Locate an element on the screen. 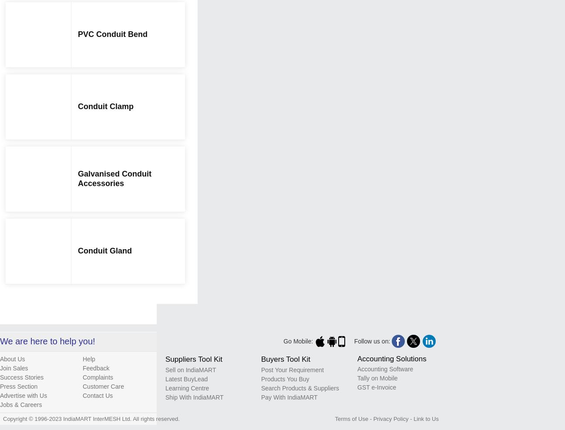  'Link to Us' is located at coordinates (426, 418).